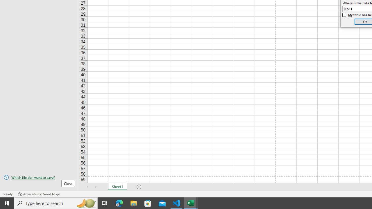 This screenshot has width=372, height=209. Describe the element at coordinates (39, 194) in the screenshot. I see `'Accessibility Checker Accessibility: Good to go'` at that location.